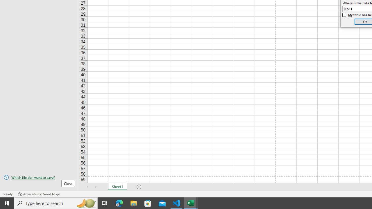 This screenshot has width=372, height=209. Describe the element at coordinates (39, 194) in the screenshot. I see `'Accessibility Checker Accessibility: Good to go'` at that location.